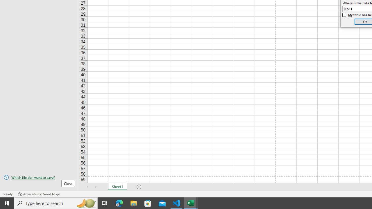 This screenshot has width=372, height=209. Describe the element at coordinates (39, 194) in the screenshot. I see `'Accessibility Checker Accessibility: Good to go'` at that location.